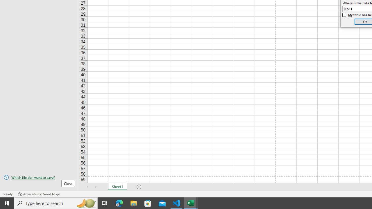 This screenshot has width=372, height=209. Describe the element at coordinates (39, 194) in the screenshot. I see `'Accessibility Checker Accessibility: Good to go'` at that location.